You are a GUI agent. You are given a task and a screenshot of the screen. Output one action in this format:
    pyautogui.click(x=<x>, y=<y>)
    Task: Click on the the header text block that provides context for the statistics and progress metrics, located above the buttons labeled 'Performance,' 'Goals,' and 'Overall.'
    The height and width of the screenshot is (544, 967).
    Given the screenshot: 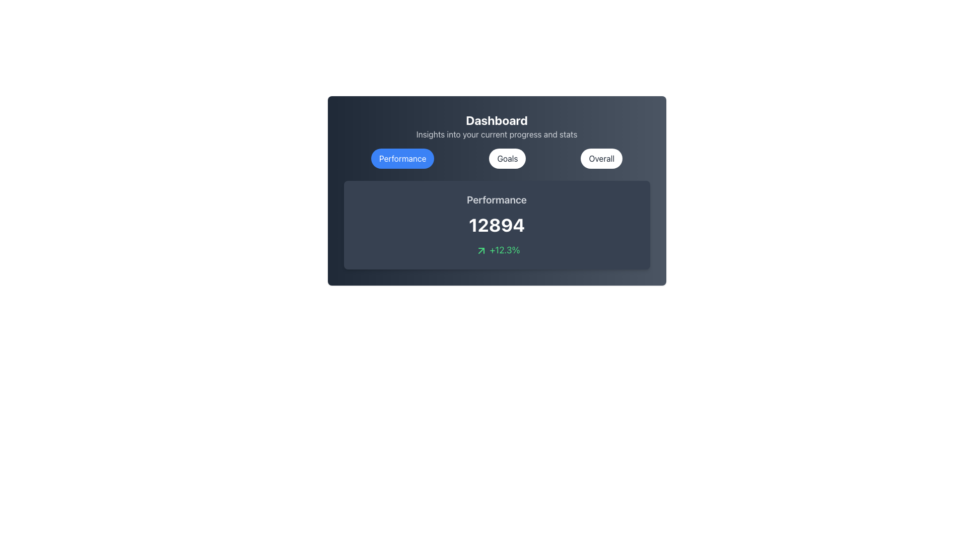 What is the action you would take?
    pyautogui.click(x=497, y=125)
    